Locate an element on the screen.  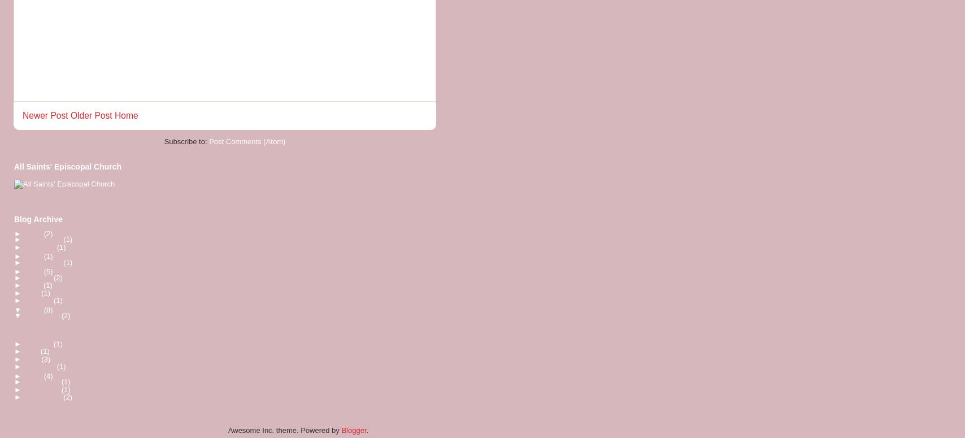
'Awesome Inc. theme. Powered by' is located at coordinates (284, 429).